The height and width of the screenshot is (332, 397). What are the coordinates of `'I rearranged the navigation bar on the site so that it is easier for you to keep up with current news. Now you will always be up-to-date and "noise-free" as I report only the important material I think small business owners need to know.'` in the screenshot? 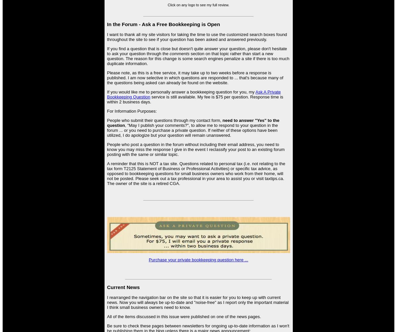 It's located at (197, 302).